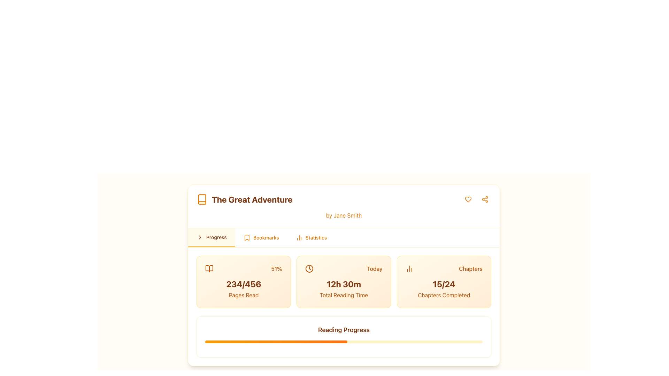 Image resolution: width=669 pixels, height=376 pixels. What do you see at coordinates (344, 282) in the screenshot?
I see `the Informative card that displays the total amount of reading time for the day, positioned centrally in the grid layout between the '234/456 Pages Read' card on the left and the '15/24 Chapters Completed' card on the right` at bounding box center [344, 282].